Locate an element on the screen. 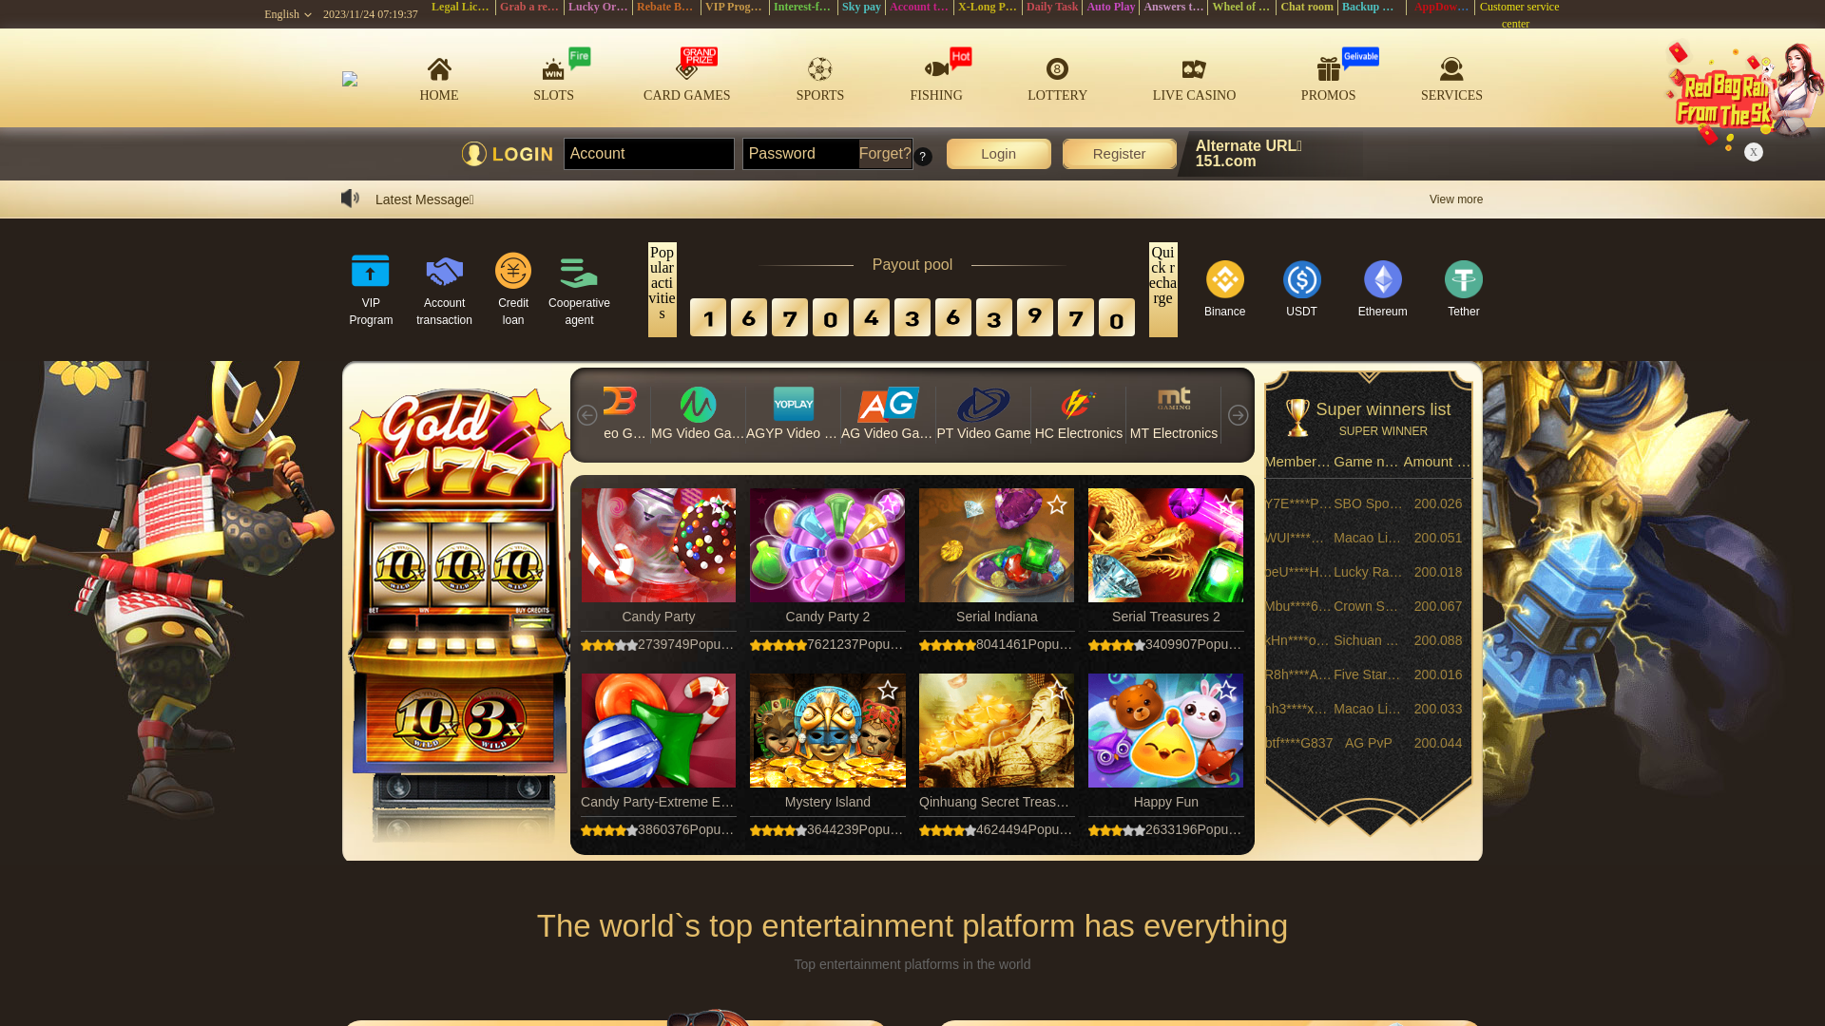 The height and width of the screenshot is (1026, 1825). 'PROMOS' is located at coordinates (1327, 77).